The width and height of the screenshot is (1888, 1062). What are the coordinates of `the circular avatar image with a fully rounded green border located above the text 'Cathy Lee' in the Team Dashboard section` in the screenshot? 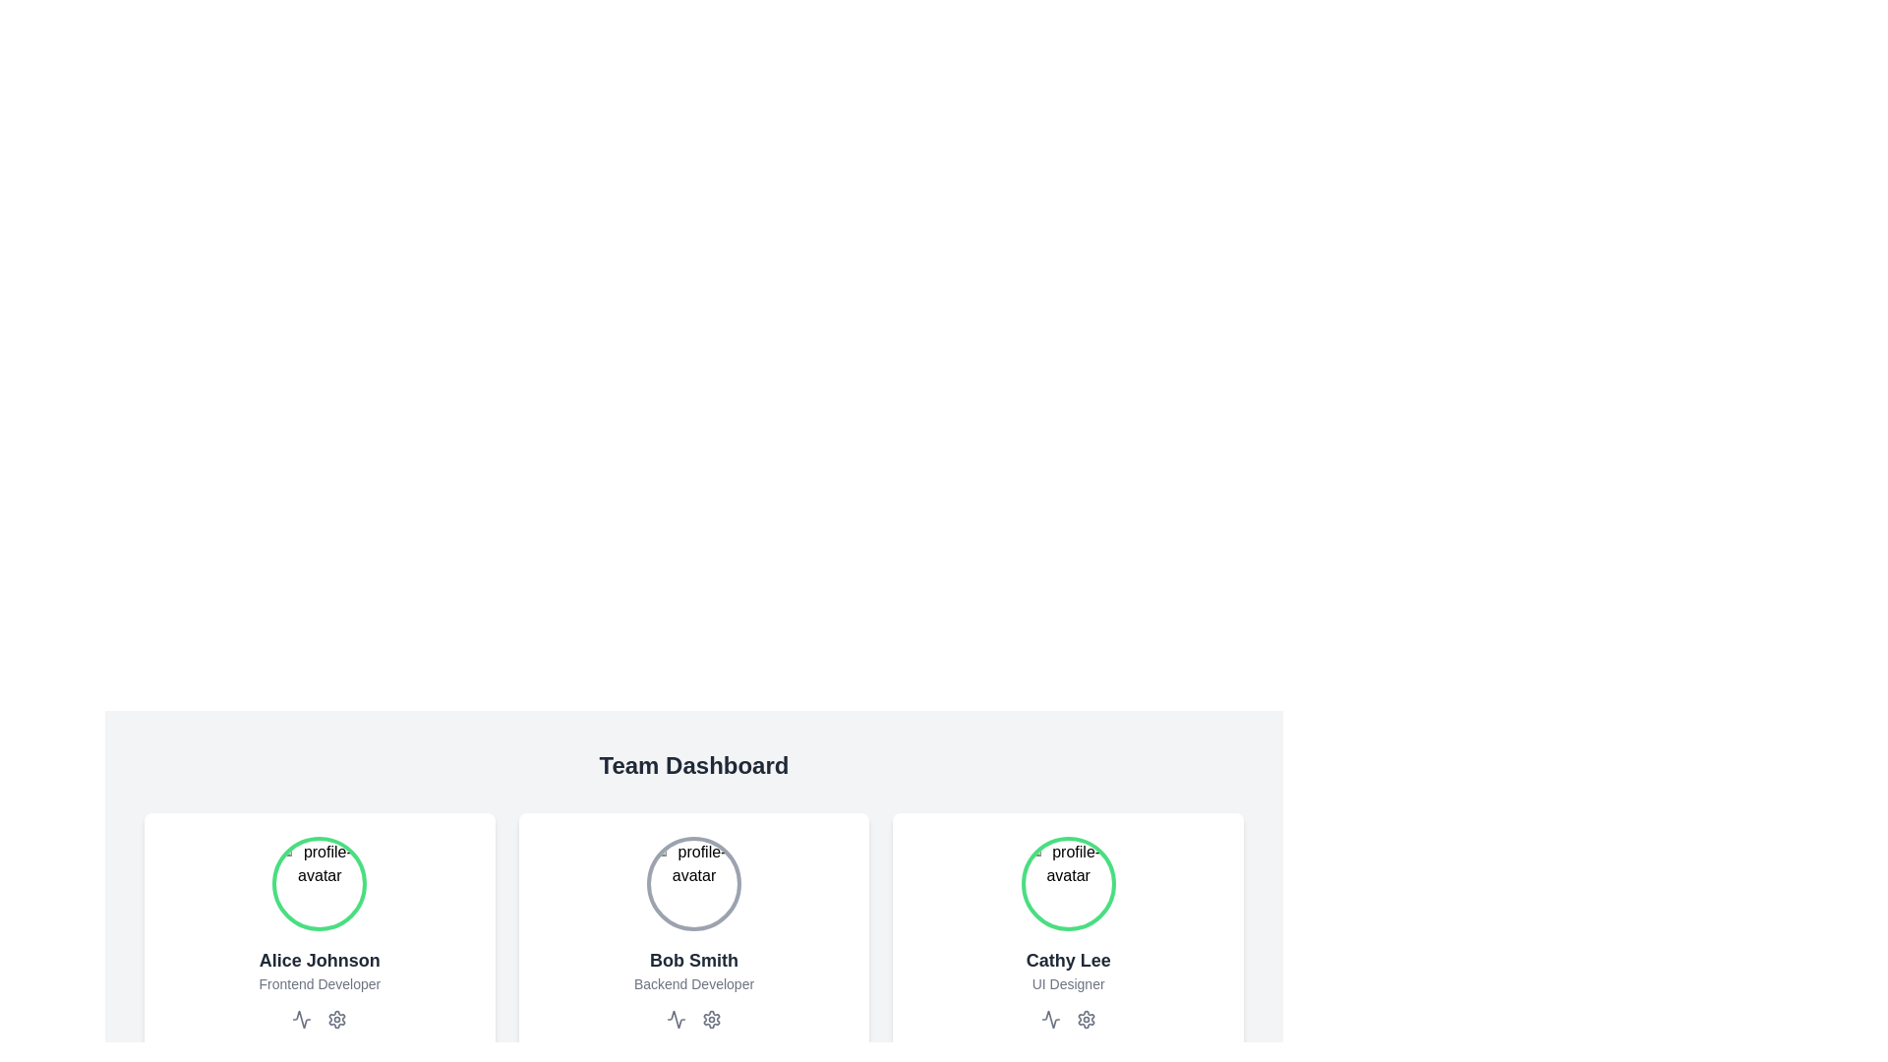 It's located at (1067, 882).